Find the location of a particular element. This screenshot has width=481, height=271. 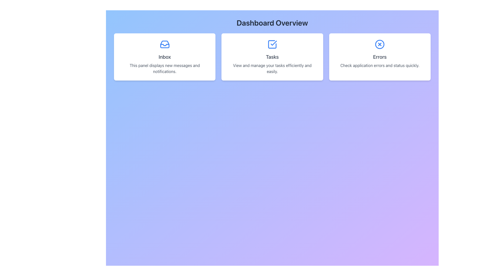

the blue circular error icon with a white background and a blue 'X' in the center, located in the 'Errors' card on the Dashboard Overview is located at coordinates (380, 44).